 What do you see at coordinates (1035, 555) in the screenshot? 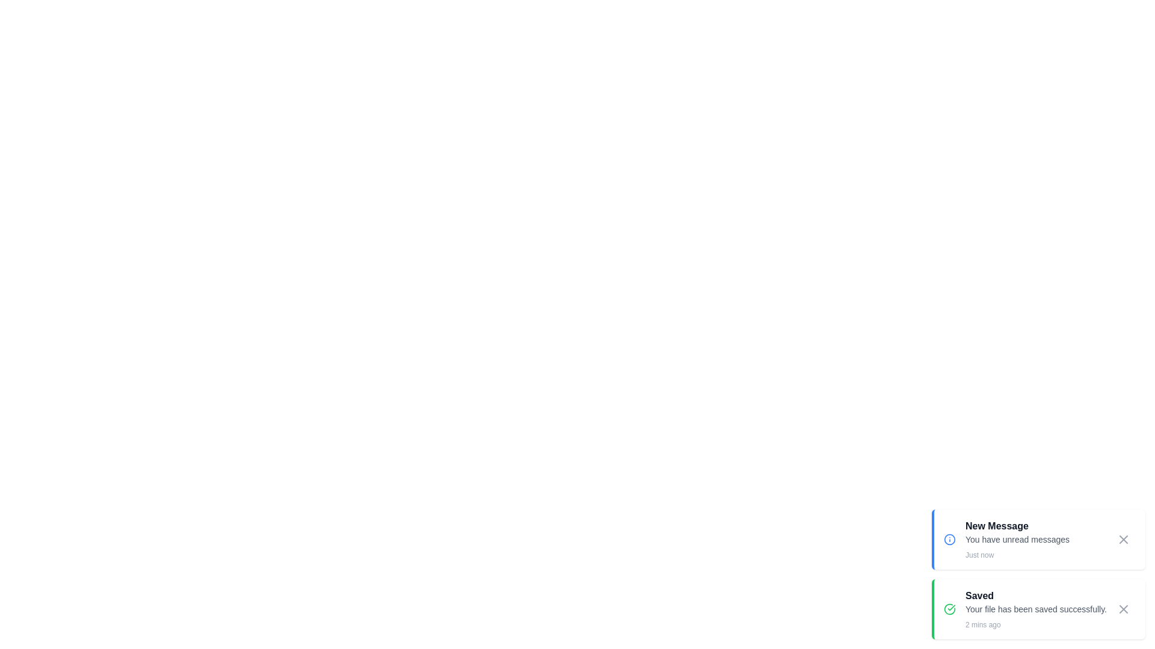
I see `the timestamp of the notification titled 'New Message'` at bounding box center [1035, 555].